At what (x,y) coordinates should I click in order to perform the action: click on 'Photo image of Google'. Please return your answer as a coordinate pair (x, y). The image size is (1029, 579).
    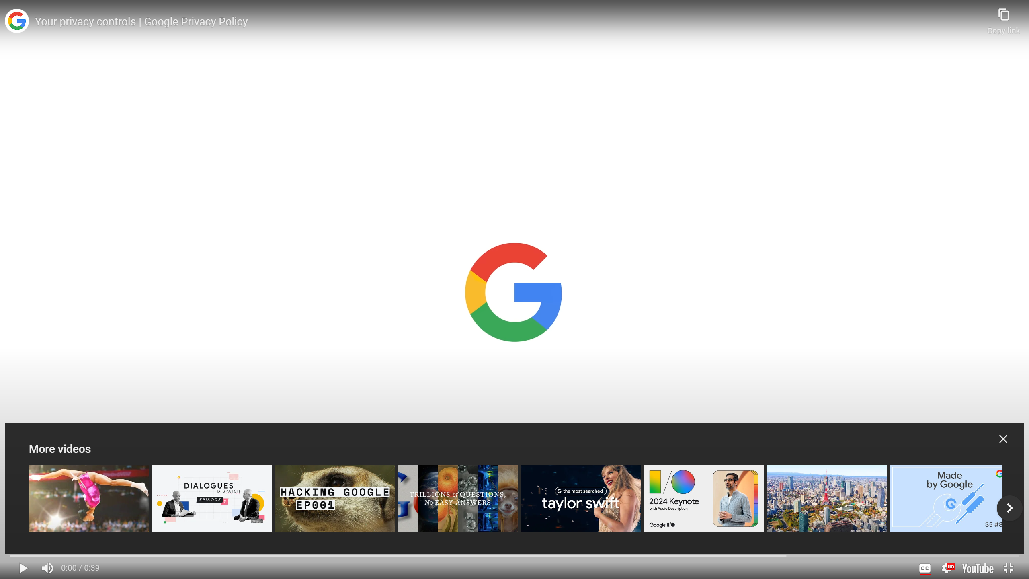
    Looking at the image, I should click on (16, 20).